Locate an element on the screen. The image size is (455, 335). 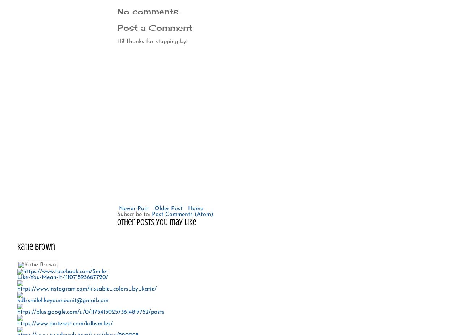
'Subscribe to:' is located at coordinates (117, 213).